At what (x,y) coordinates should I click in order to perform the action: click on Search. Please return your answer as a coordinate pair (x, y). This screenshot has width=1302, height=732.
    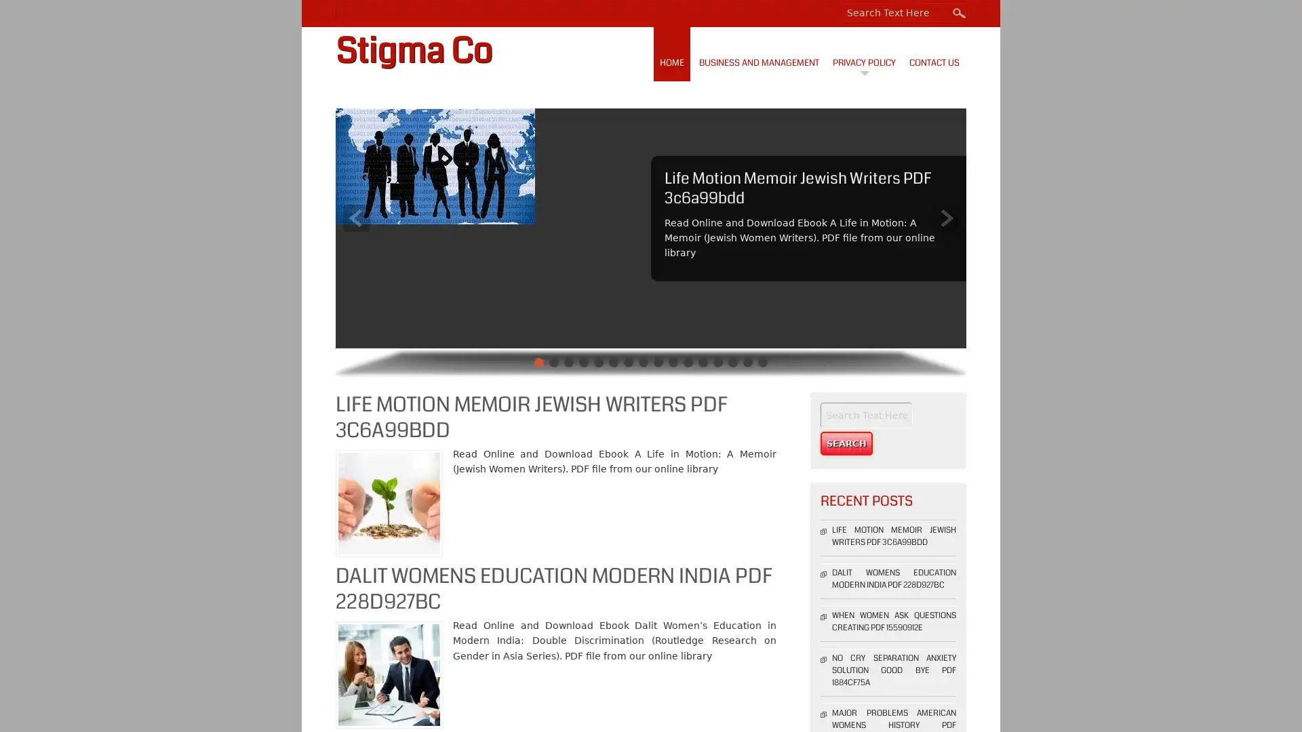
    Looking at the image, I should click on (846, 443).